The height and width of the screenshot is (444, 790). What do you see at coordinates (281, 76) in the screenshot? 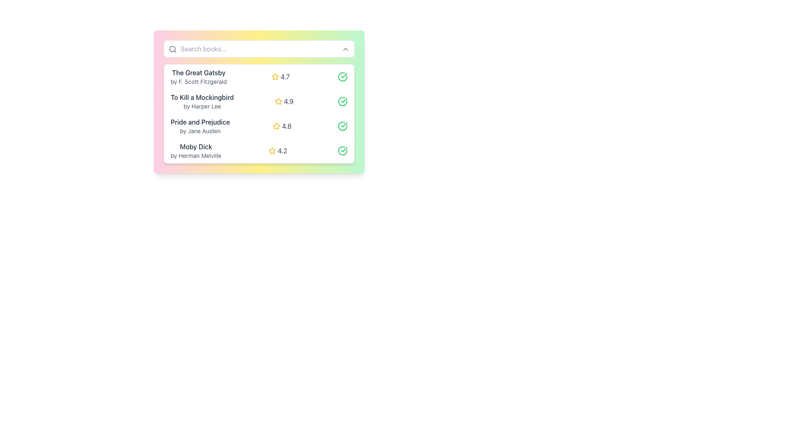
I see `the Rating Display element that shows a star icon with a yellow outline and the rating '4.7' in a bold gray font, located between the title 'The Great Gatsby' and a green circular checkmark icon` at bounding box center [281, 76].